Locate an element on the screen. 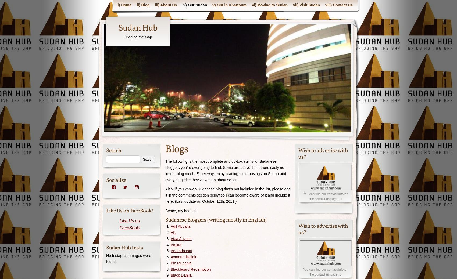 Image resolution: width=457 pixels, height=279 pixels. 'Sudanese Bloggers (writing mostly in English)' is located at coordinates (216, 220).